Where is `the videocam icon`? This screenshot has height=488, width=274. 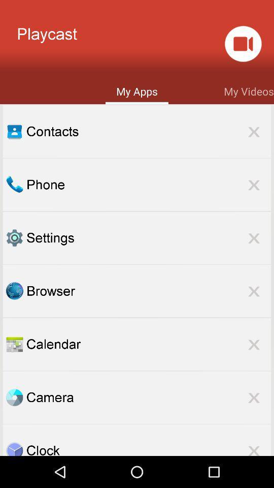 the videocam icon is located at coordinates (243, 47).